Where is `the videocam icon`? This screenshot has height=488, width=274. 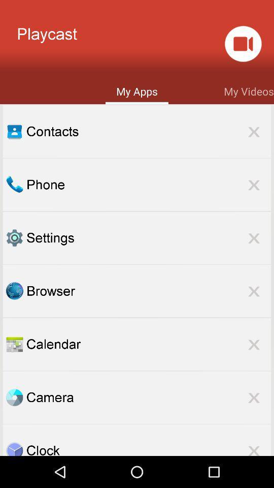 the videocam icon is located at coordinates (243, 47).